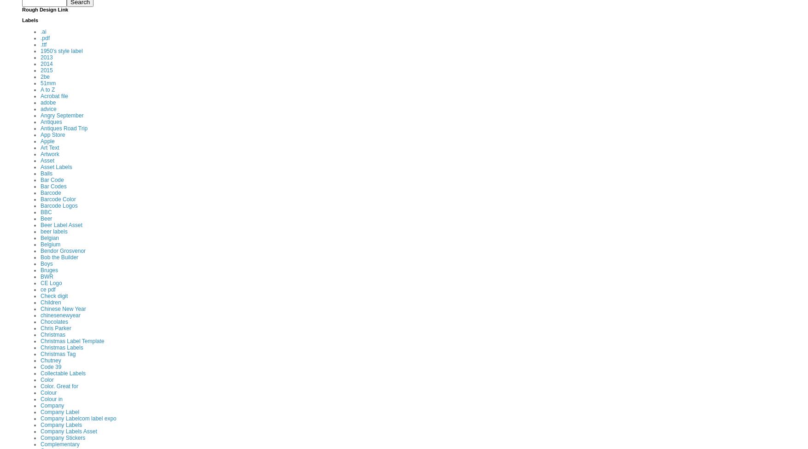  Describe the element at coordinates (57, 353) in the screenshot. I see `'Christmas Tag'` at that location.